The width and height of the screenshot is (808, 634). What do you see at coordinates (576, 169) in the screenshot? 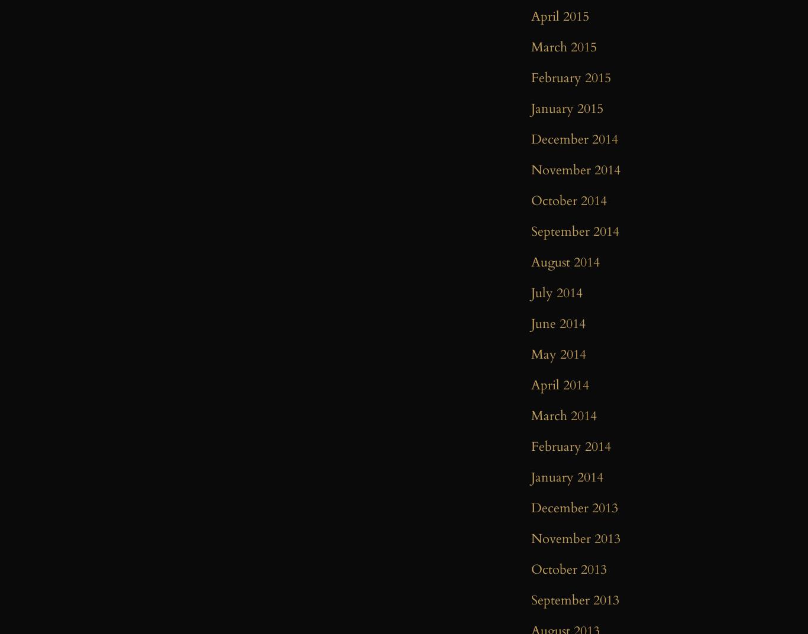
I see `'November 2014'` at bounding box center [576, 169].